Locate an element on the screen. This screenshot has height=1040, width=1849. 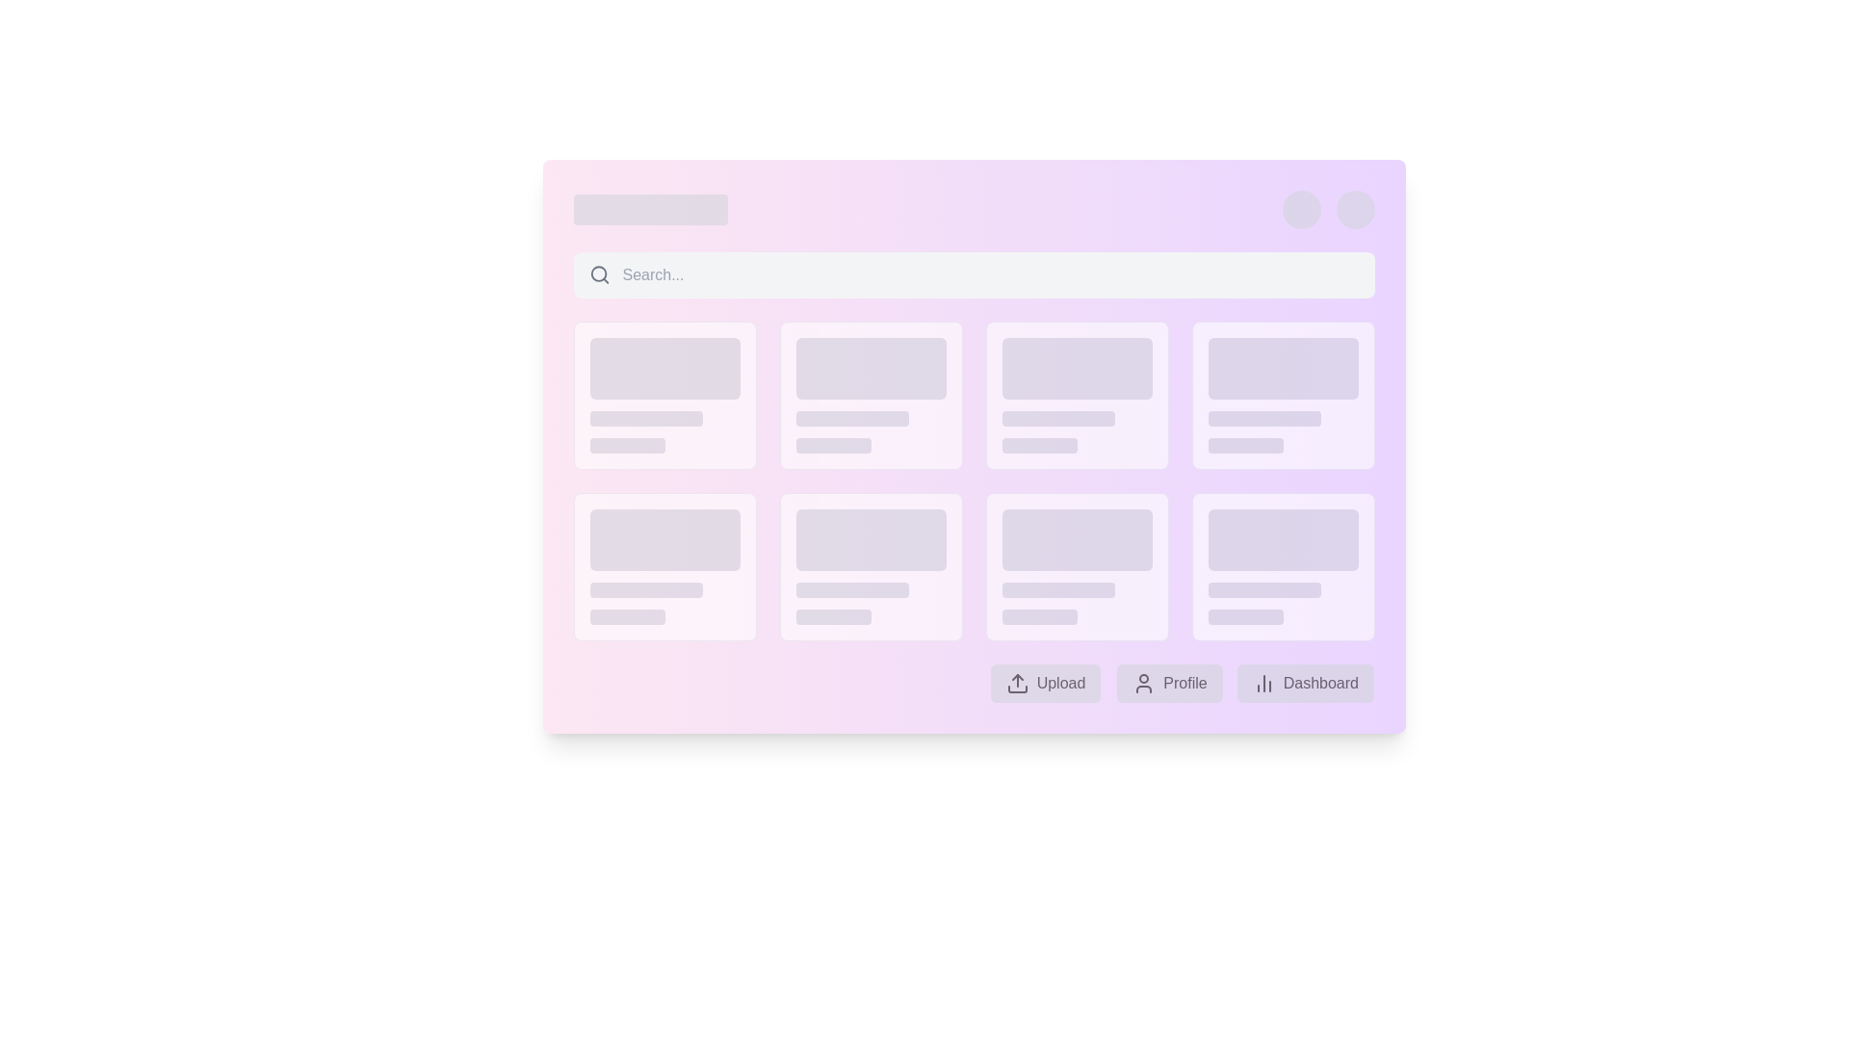
the 'Dashboard' button, which is a light gray rounded rectangle with a bar chart icon and the text 'Dashboard', to trigger tooltip or style changes is located at coordinates (1306, 682).